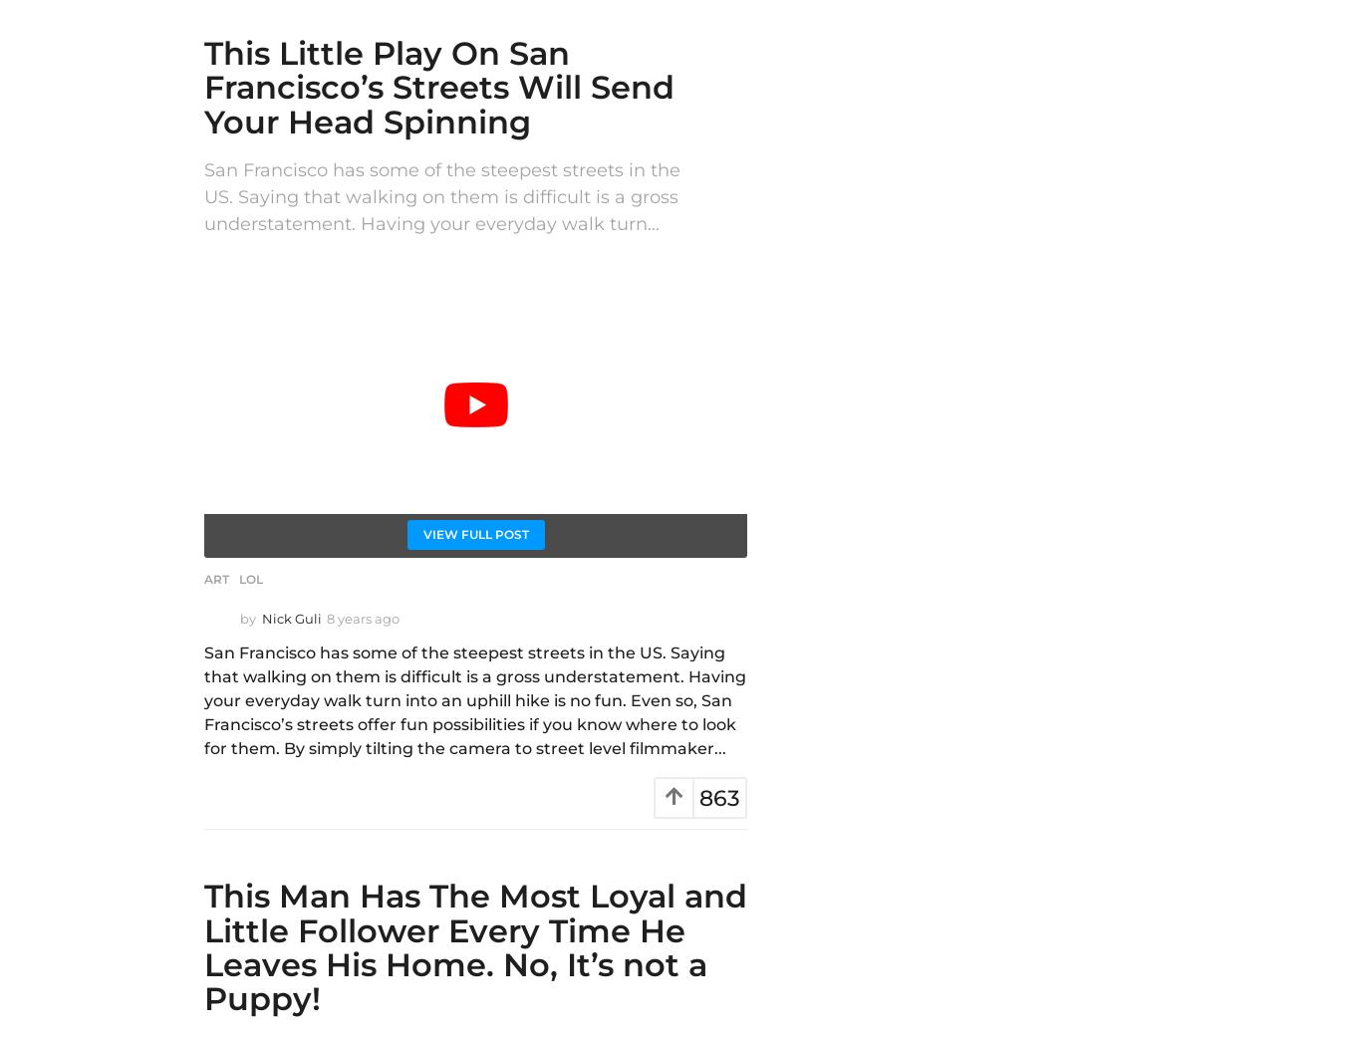  Describe the element at coordinates (474, 946) in the screenshot. I see `'This Man Has The Most Loyal and Little Follower Every Time He Leaves His Home. No, It’s not a Puppy!'` at that location.